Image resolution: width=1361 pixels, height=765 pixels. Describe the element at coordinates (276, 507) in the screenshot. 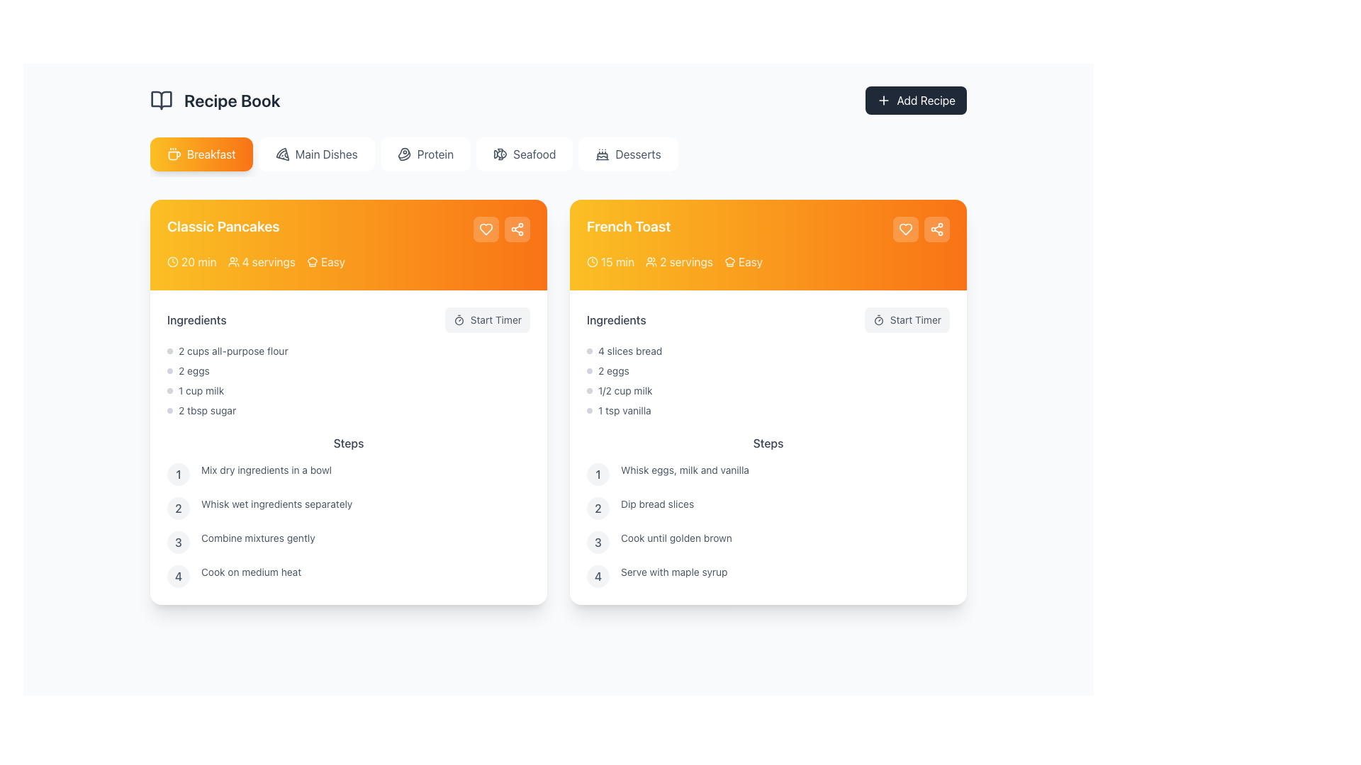

I see `text block displaying the instruction 'Whisk wet ingredients separately', which is the second item in the step-by-step instruction list under the 'Classic Pancakes' recipe` at that location.